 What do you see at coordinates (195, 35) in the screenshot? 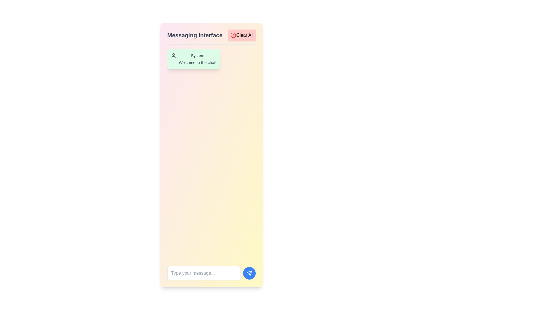
I see `the bold text labeled 'Messaging Interface' which is styled in a large gray font and located prominently at the top of the main panel` at bounding box center [195, 35].